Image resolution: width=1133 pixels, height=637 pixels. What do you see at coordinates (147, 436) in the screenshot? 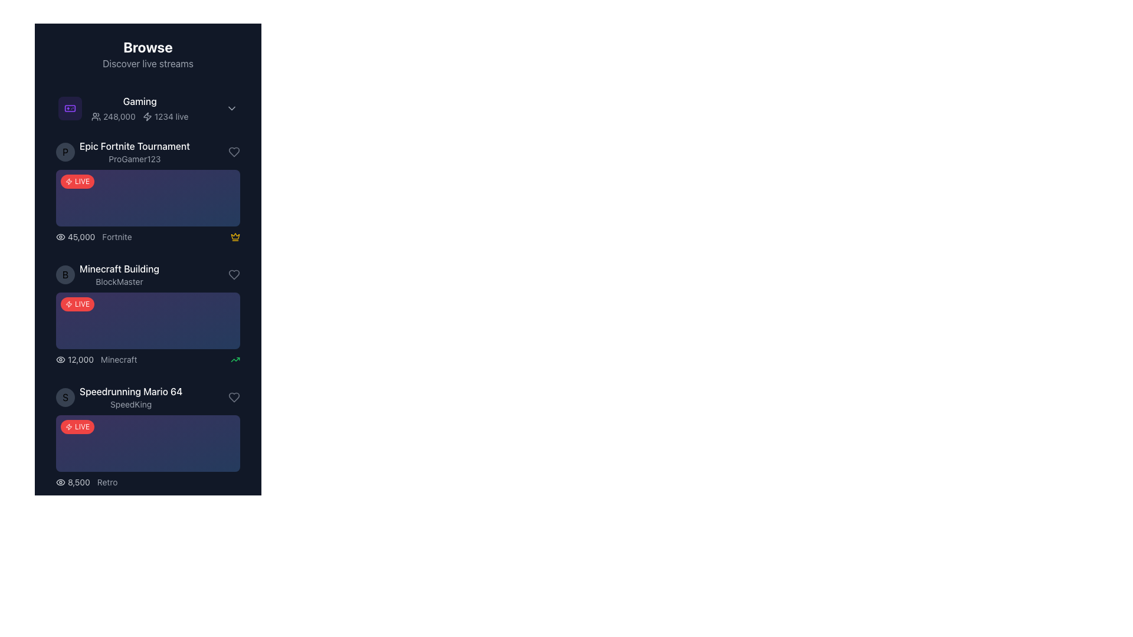
I see `the interactive card that provides a preview of the 'Speedrunning Mario 64' stream, positioned as the third card in a vertical list of streaming channels` at bounding box center [147, 436].